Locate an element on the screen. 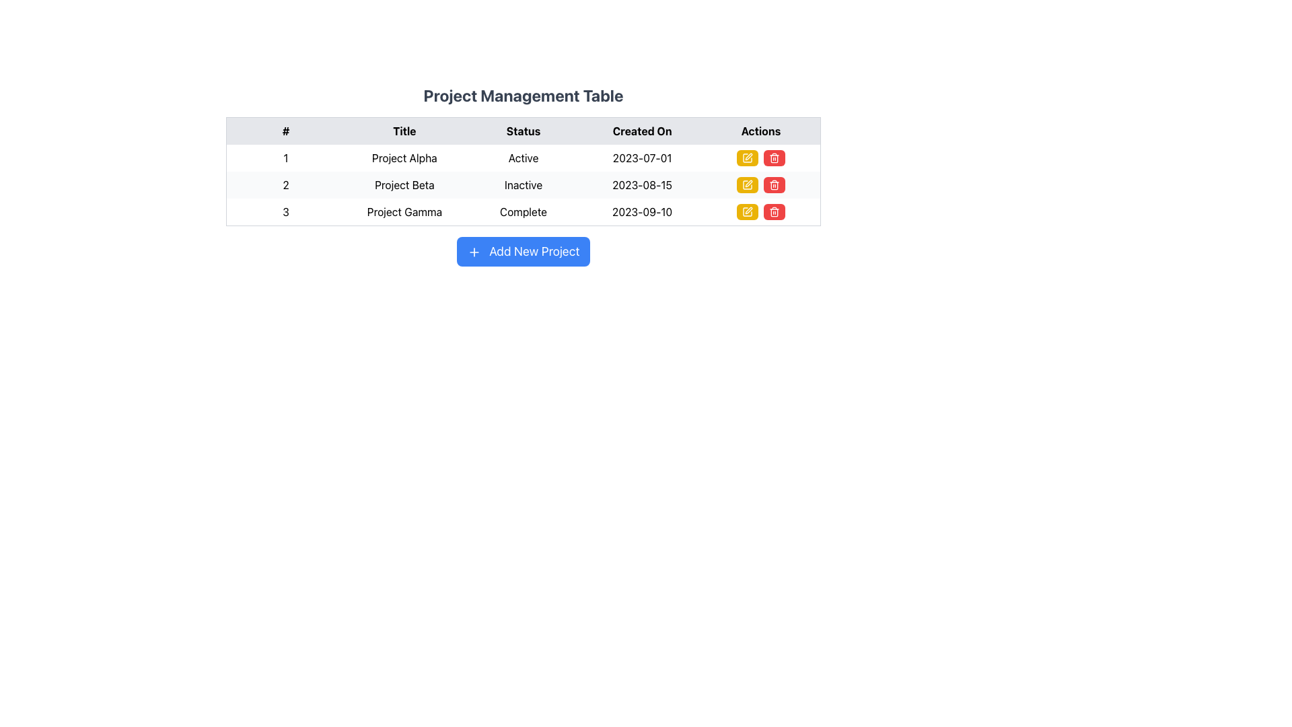 The width and height of the screenshot is (1292, 727). the edit icon button located in the Actions column of the second row in the table to modify or update the corresponding row's data is located at coordinates (746, 184).